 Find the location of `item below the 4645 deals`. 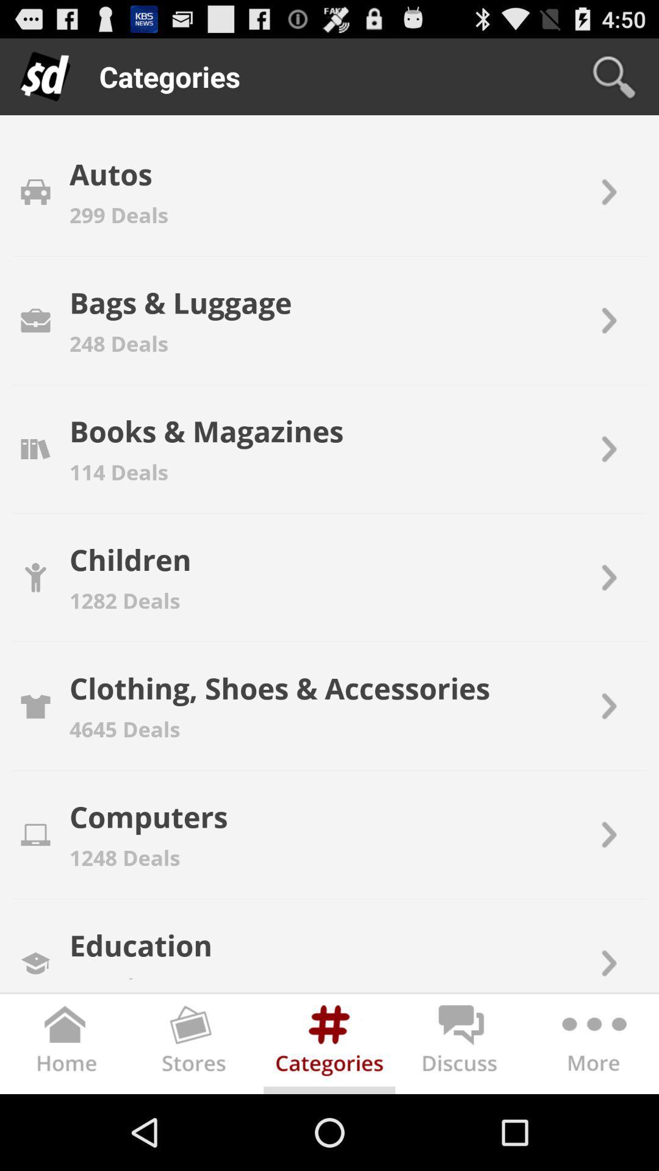

item below the 4645 deals is located at coordinates (148, 817).